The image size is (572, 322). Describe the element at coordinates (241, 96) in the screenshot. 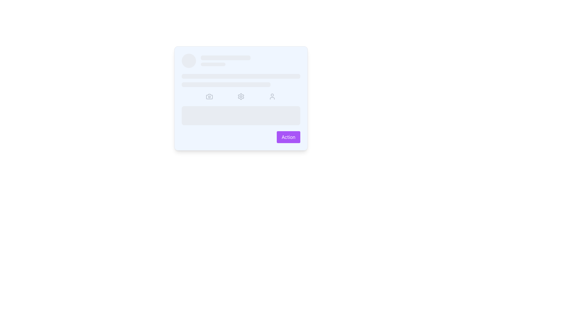

I see `the center gear-like icon in the row of three decorative icons` at that location.